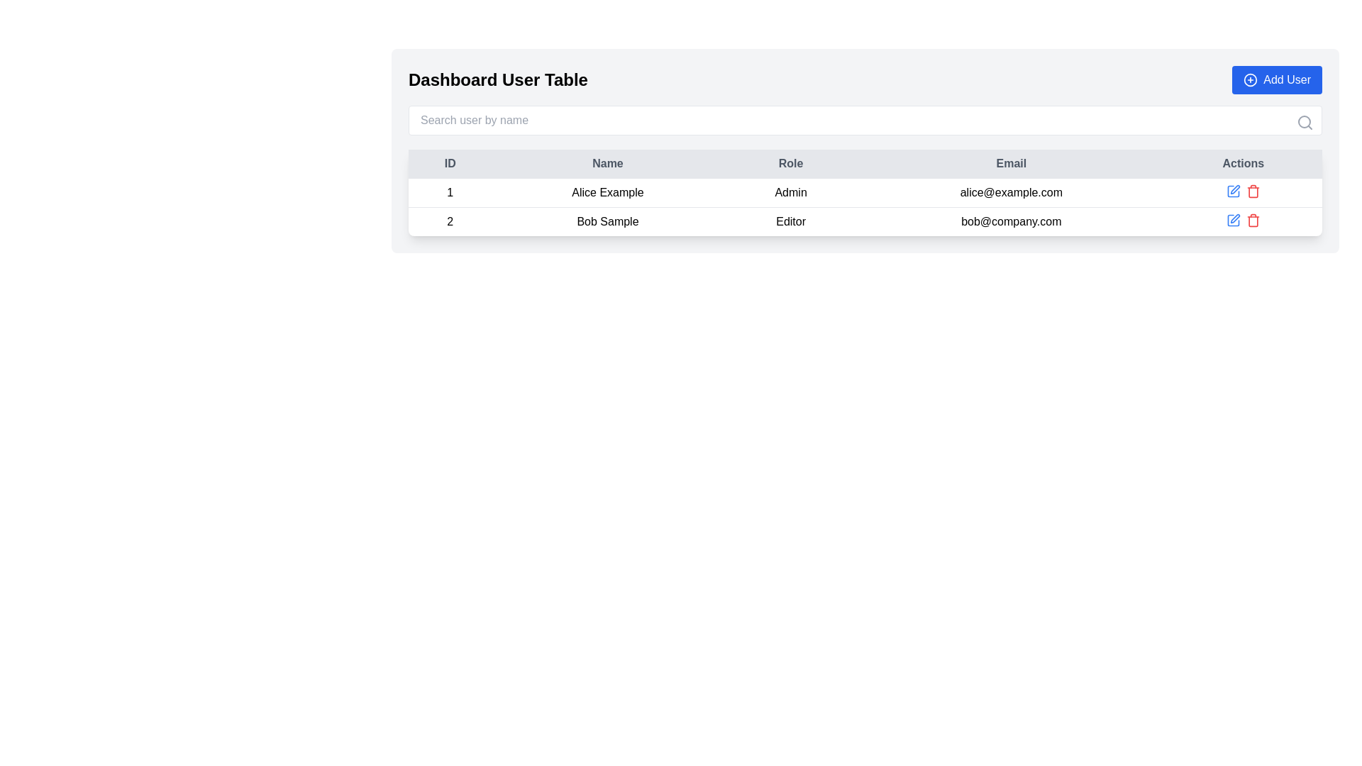 The height and width of the screenshot is (766, 1362). What do you see at coordinates (1010, 221) in the screenshot?
I see `the email address 'bob@company.com' located in the 'Email' column of the user data table for 'Bob Sample'` at bounding box center [1010, 221].